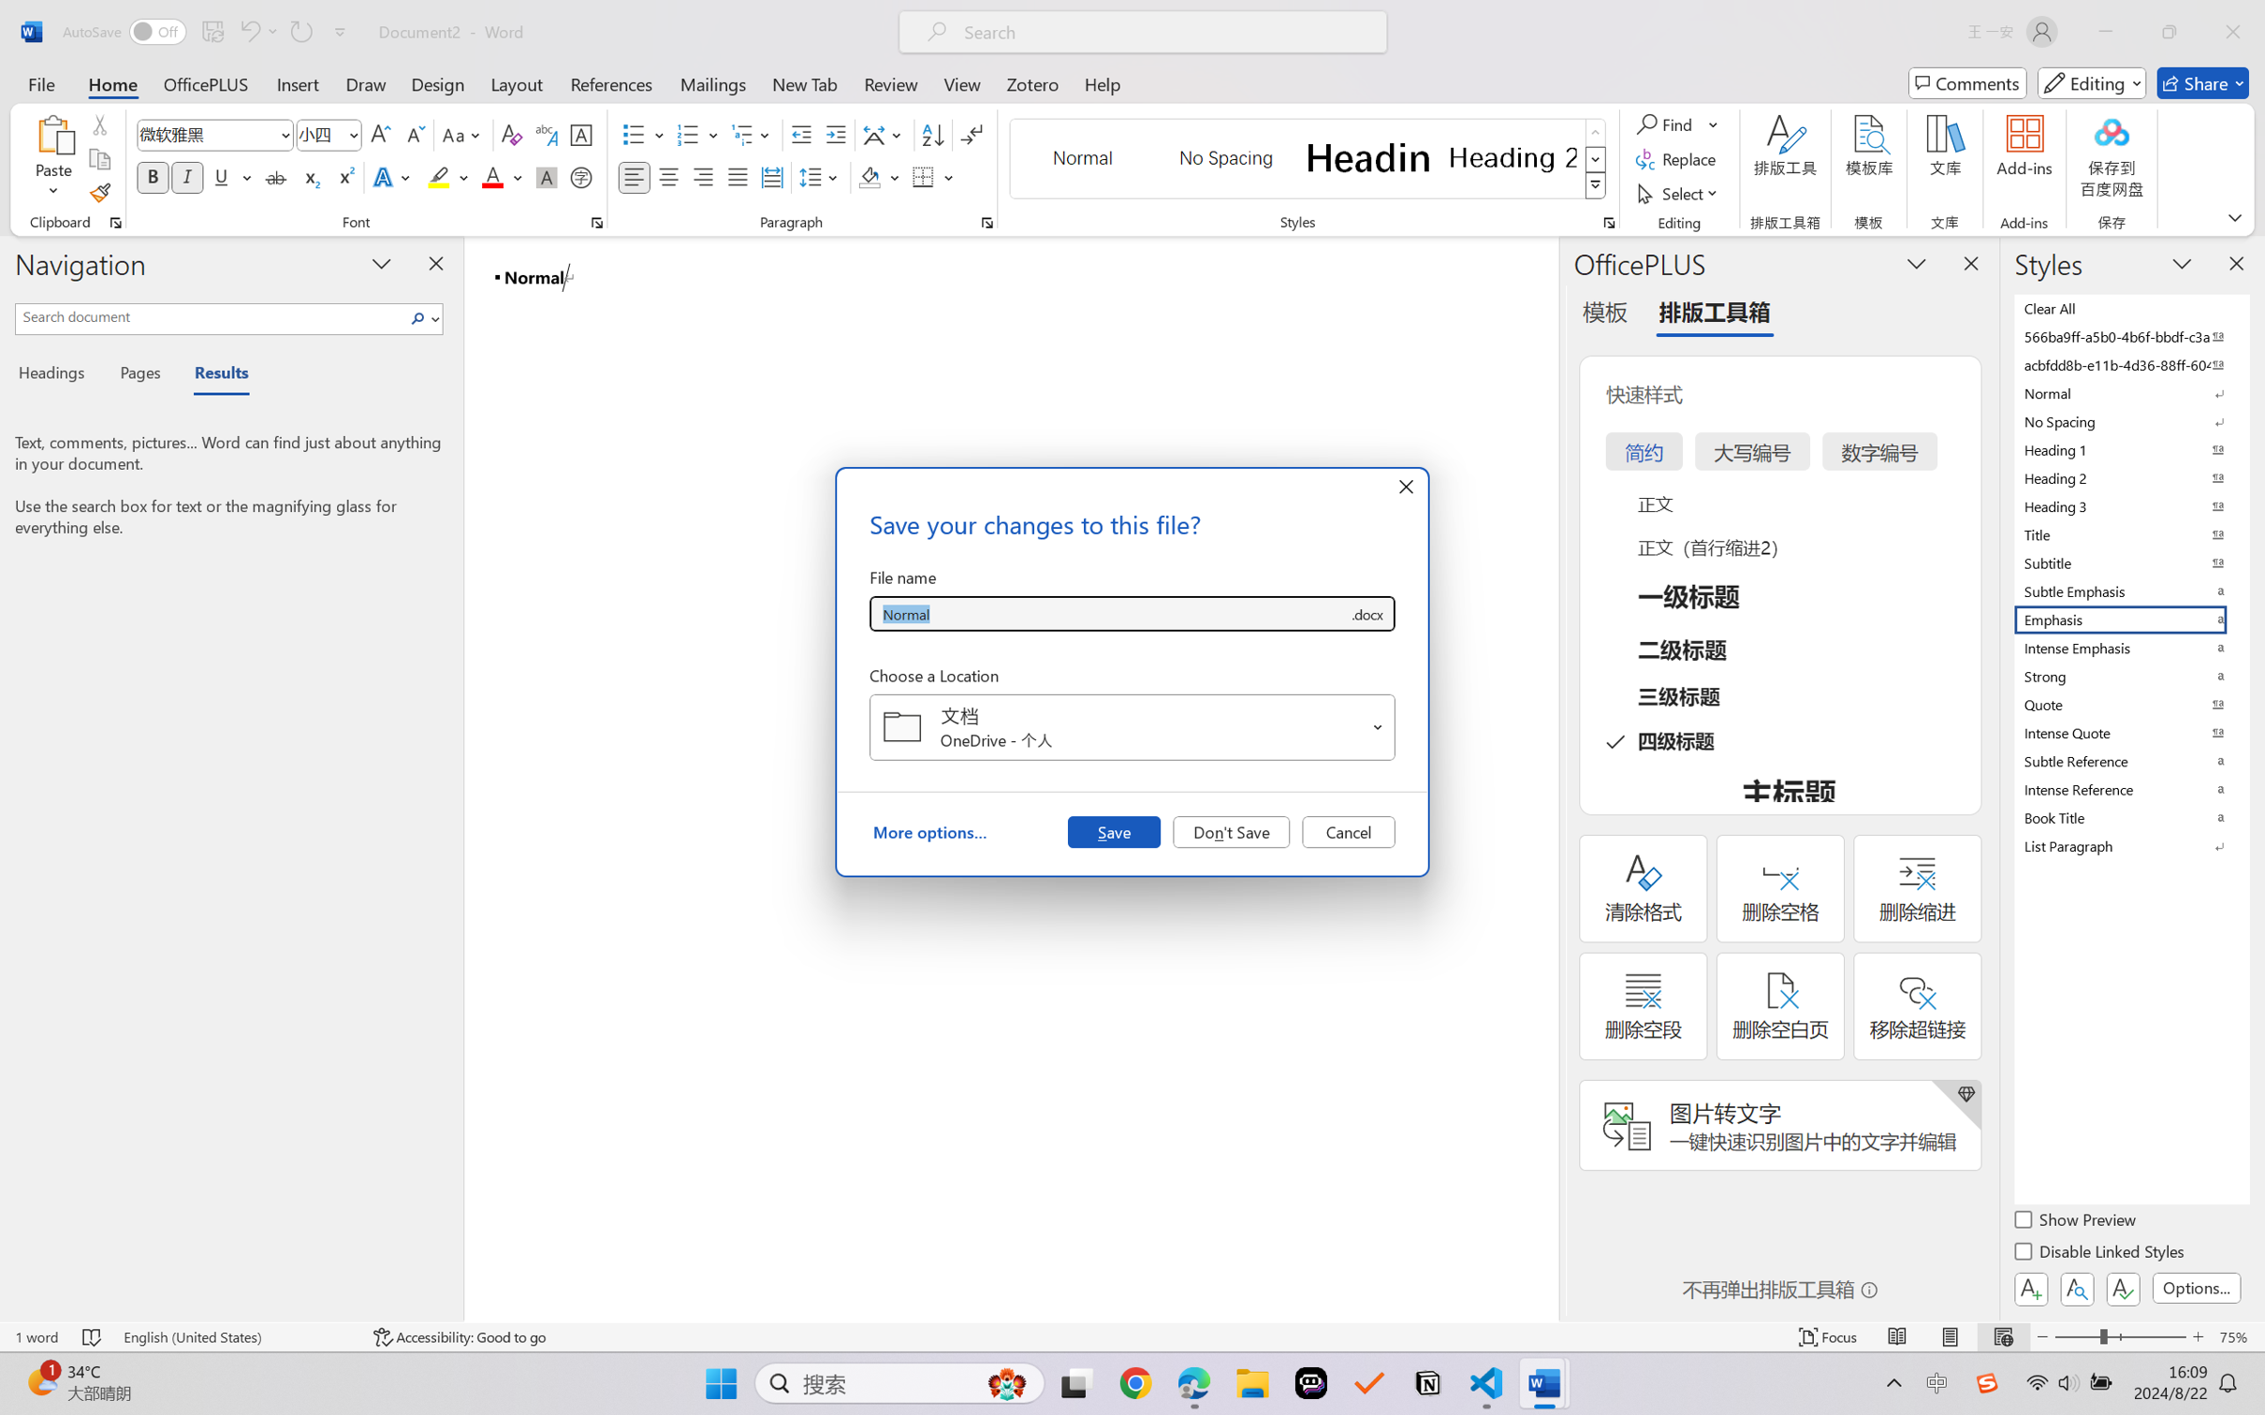 Image resolution: width=2265 pixels, height=1415 pixels. I want to click on 'Phonetic Guide...', so click(544, 135).